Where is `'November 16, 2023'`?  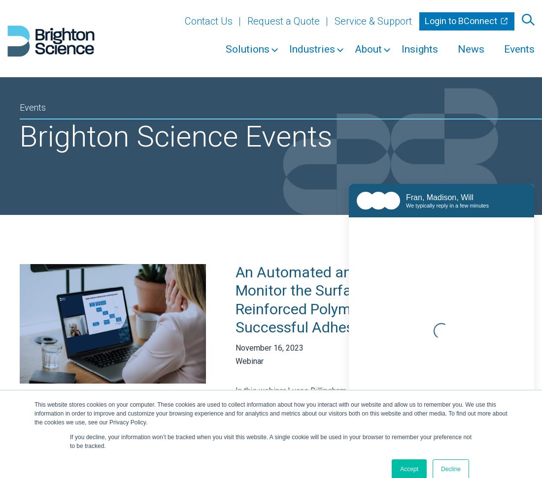
'November 16, 2023' is located at coordinates (270, 347).